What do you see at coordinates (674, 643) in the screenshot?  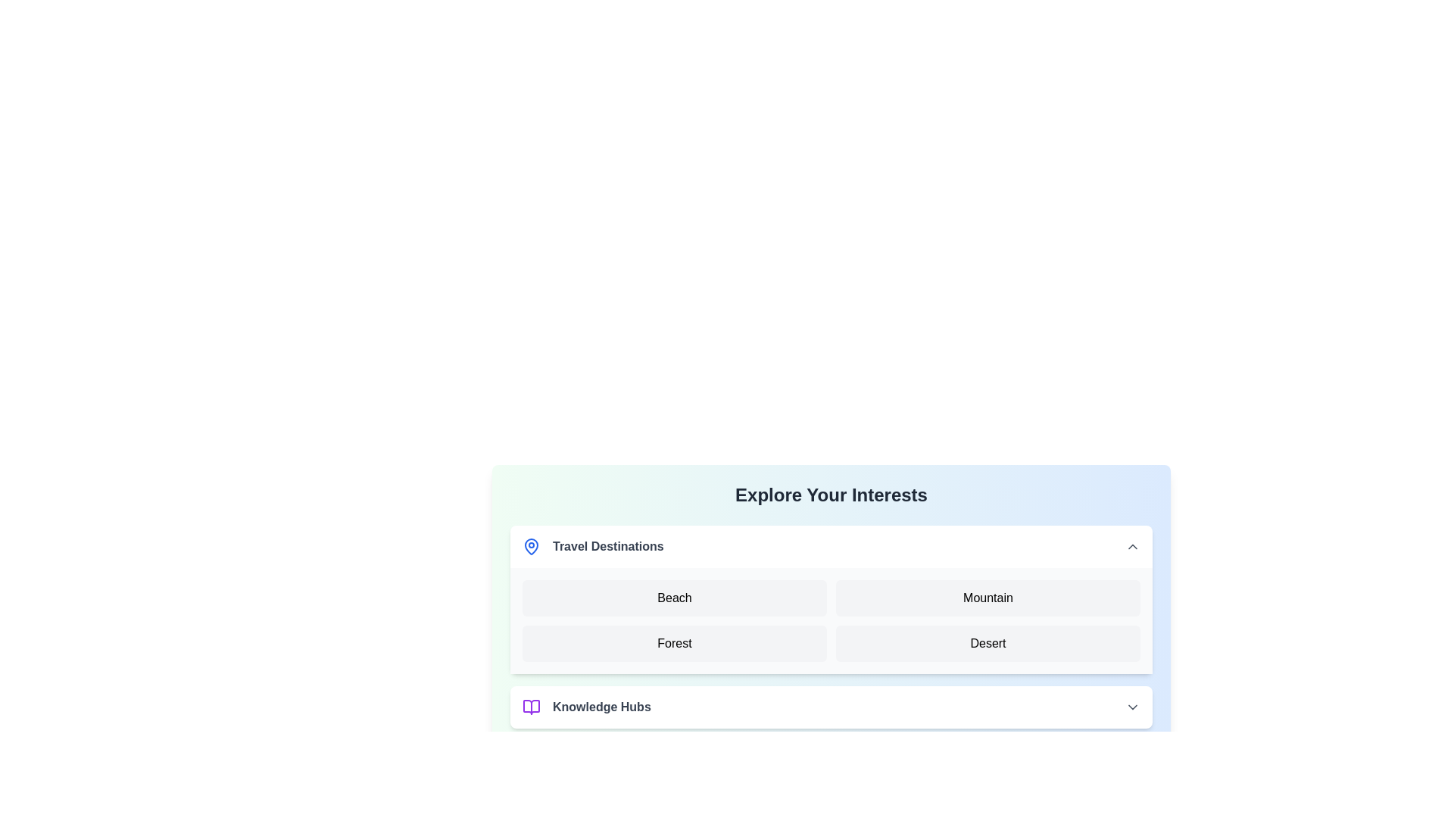 I see `the 'Forest' button located in the second row and first column of the 'Travel Destinations' section` at bounding box center [674, 643].